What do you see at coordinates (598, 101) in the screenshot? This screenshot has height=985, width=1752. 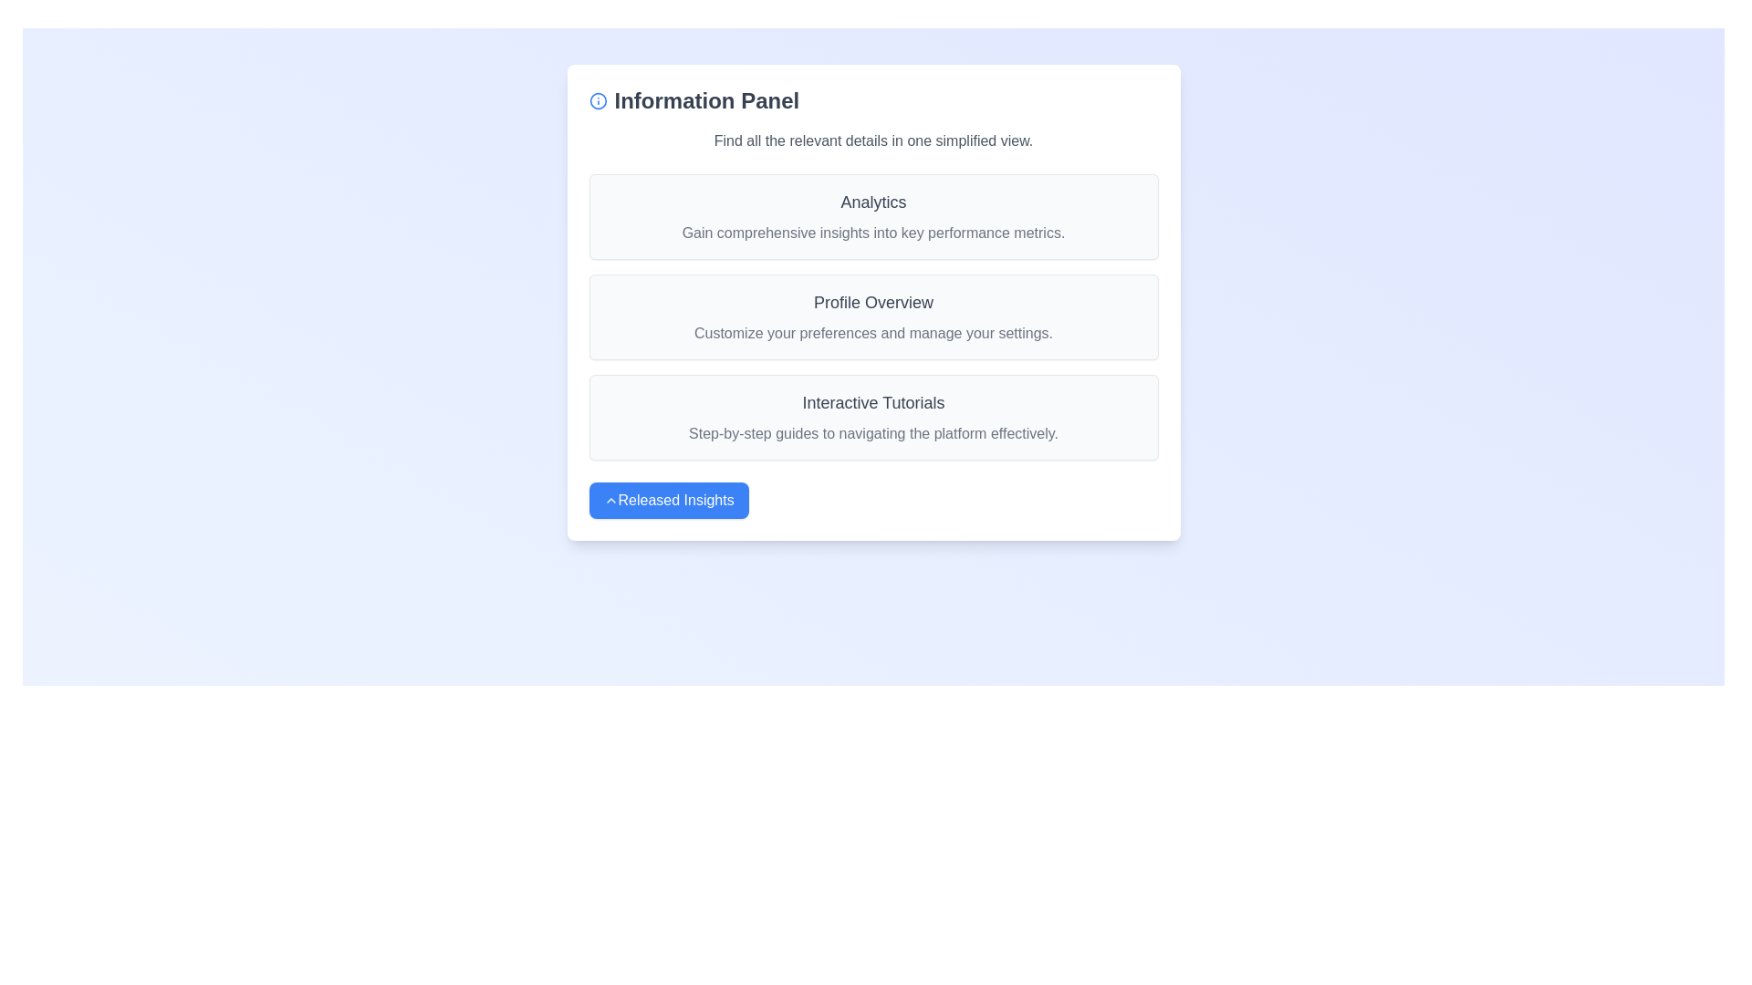 I see `the SVG circle element located in the top section of the information panel, adjacent to the title text 'Information Panel'` at bounding box center [598, 101].